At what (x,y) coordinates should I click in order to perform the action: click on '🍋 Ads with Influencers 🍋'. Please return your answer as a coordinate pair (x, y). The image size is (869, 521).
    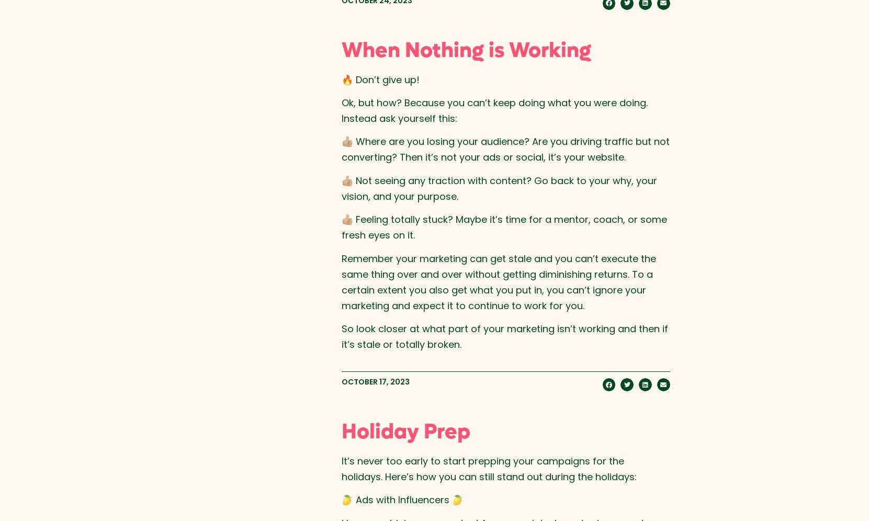
    Looking at the image, I should click on (401, 499).